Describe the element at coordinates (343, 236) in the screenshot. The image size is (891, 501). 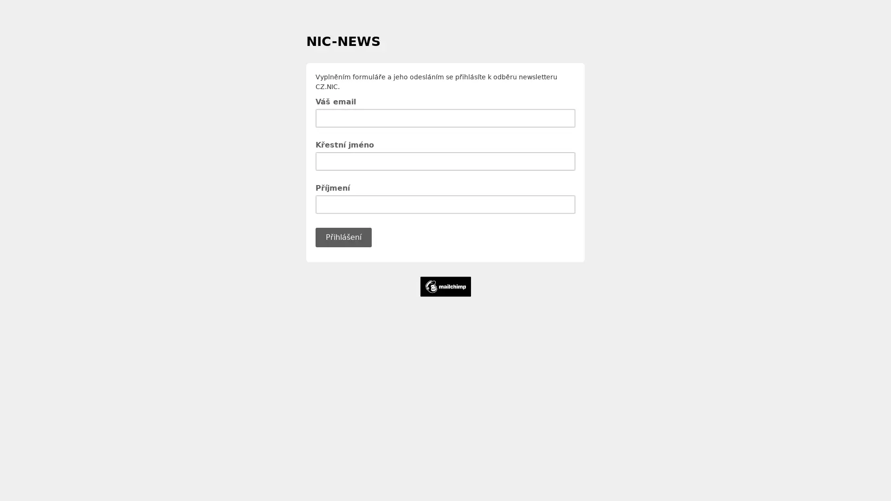
I see `Prihlaseni` at that location.